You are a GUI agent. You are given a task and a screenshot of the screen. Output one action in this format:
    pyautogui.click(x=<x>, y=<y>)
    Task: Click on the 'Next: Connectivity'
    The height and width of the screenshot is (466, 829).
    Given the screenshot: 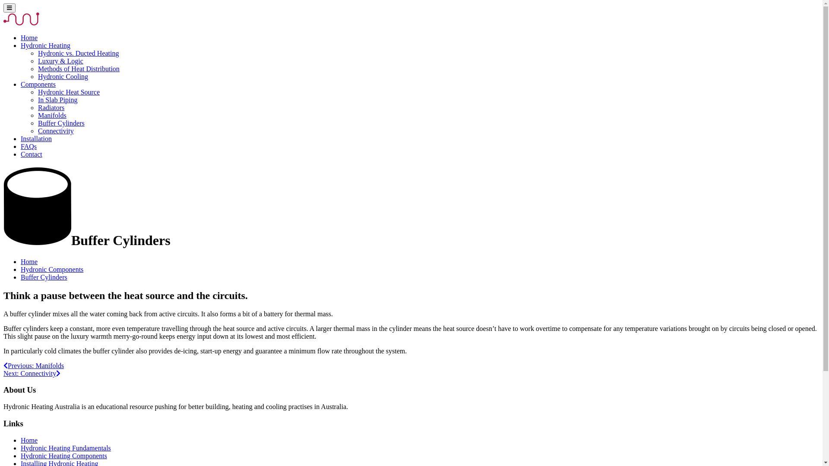 What is the action you would take?
    pyautogui.click(x=32, y=373)
    